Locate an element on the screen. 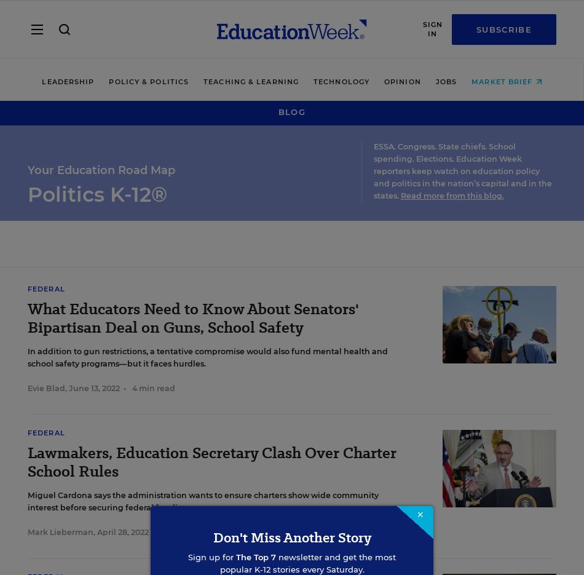 This screenshot has height=575, width=584. 'Newsletters' is located at coordinates (28, 525).